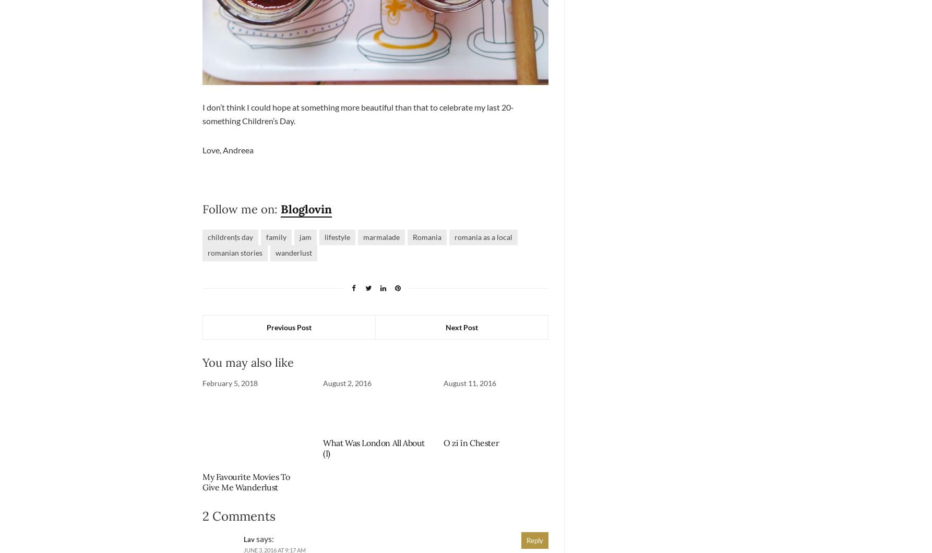  Describe the element at coordinates (374, 448) in the screenshot. I see `'What Was London All About (I)'` at that location.